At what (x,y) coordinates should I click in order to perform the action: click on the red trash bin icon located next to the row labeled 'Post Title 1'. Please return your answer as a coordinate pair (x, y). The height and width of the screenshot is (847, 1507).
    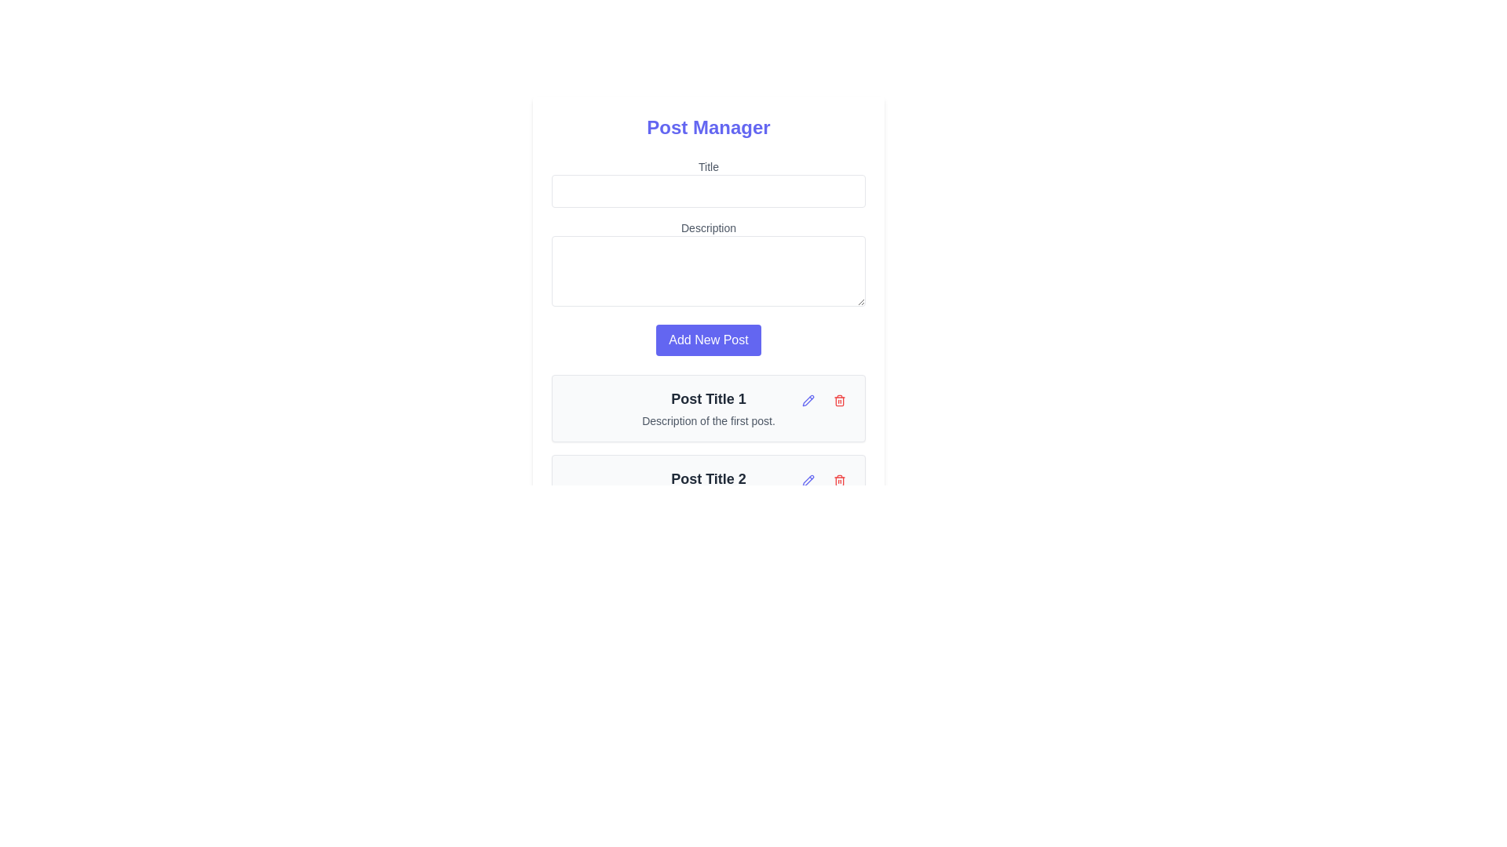
    Looking at the image, I should click on (839, 399).